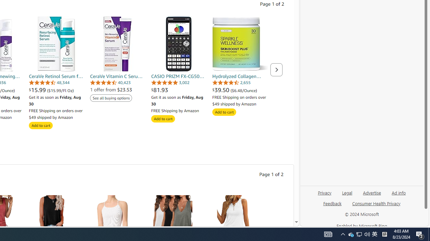 The image size is (430, 241). Describe the element at coordinates (376, 206) in the screenshot. I see `'Consumer Health Privacy'` at that location.